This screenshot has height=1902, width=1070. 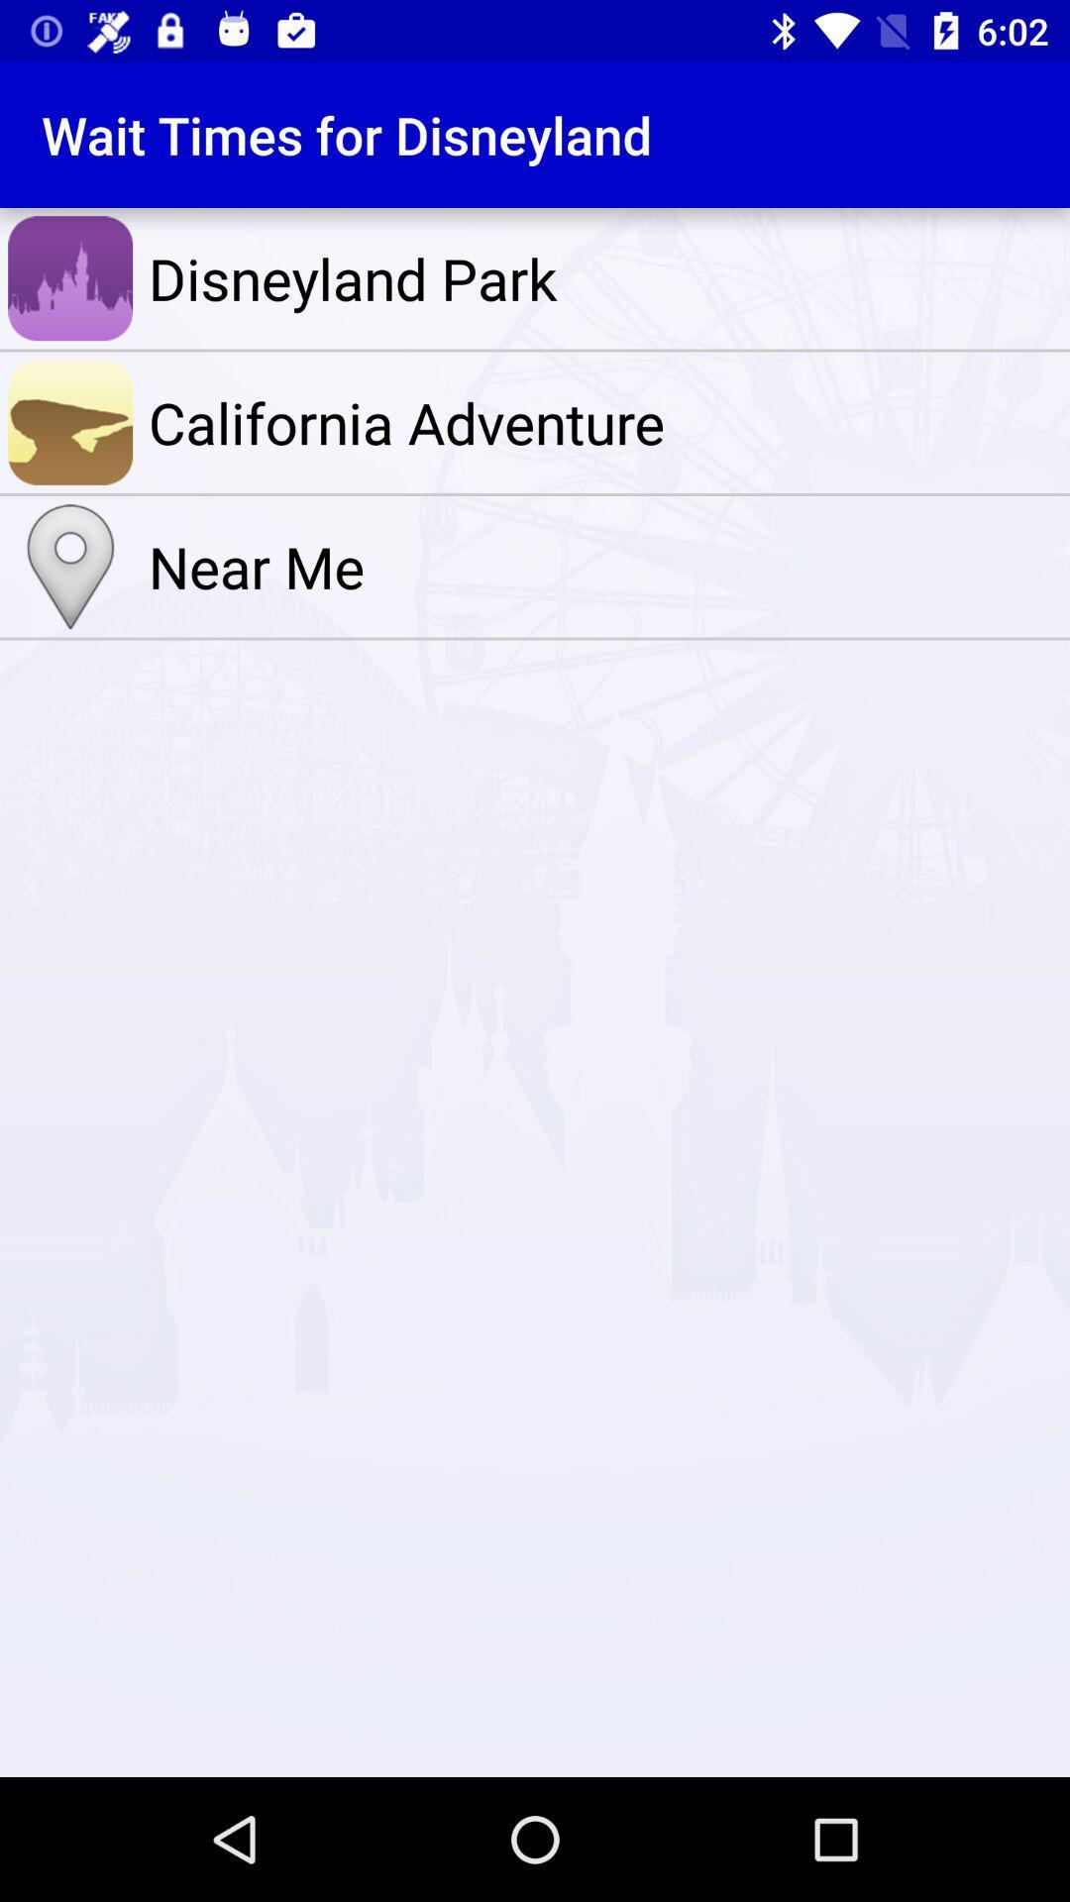 I want to click on california adventure, so click(x=603, y=421).